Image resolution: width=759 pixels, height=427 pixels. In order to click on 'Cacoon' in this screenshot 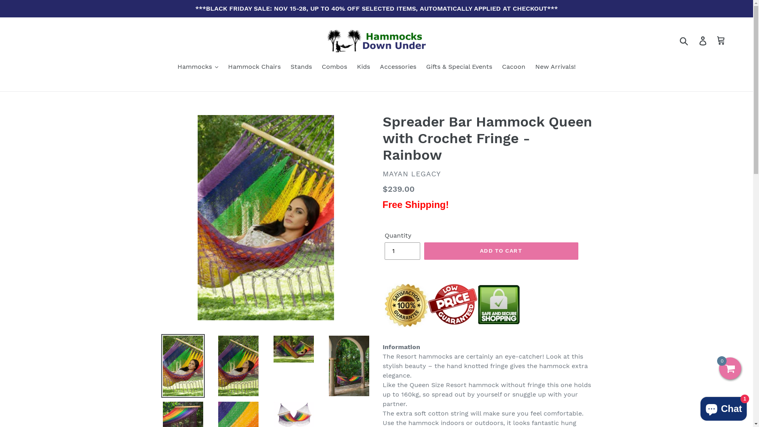, I will do `click(514, 67)`.